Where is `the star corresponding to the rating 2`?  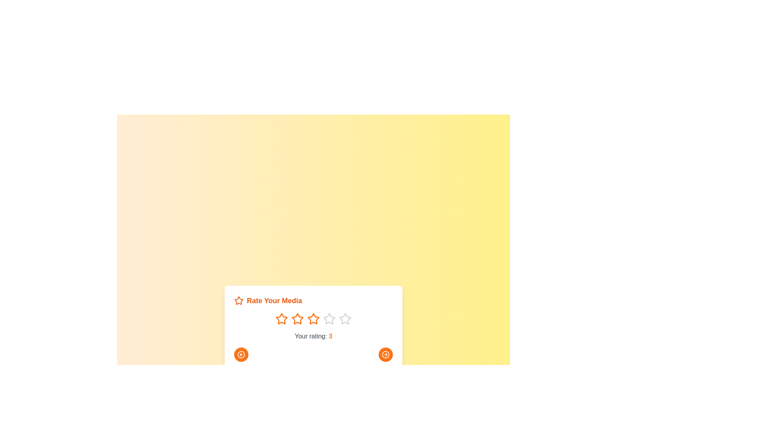 the star corresponding to the rating 2 is located at coordinates (297, 319).